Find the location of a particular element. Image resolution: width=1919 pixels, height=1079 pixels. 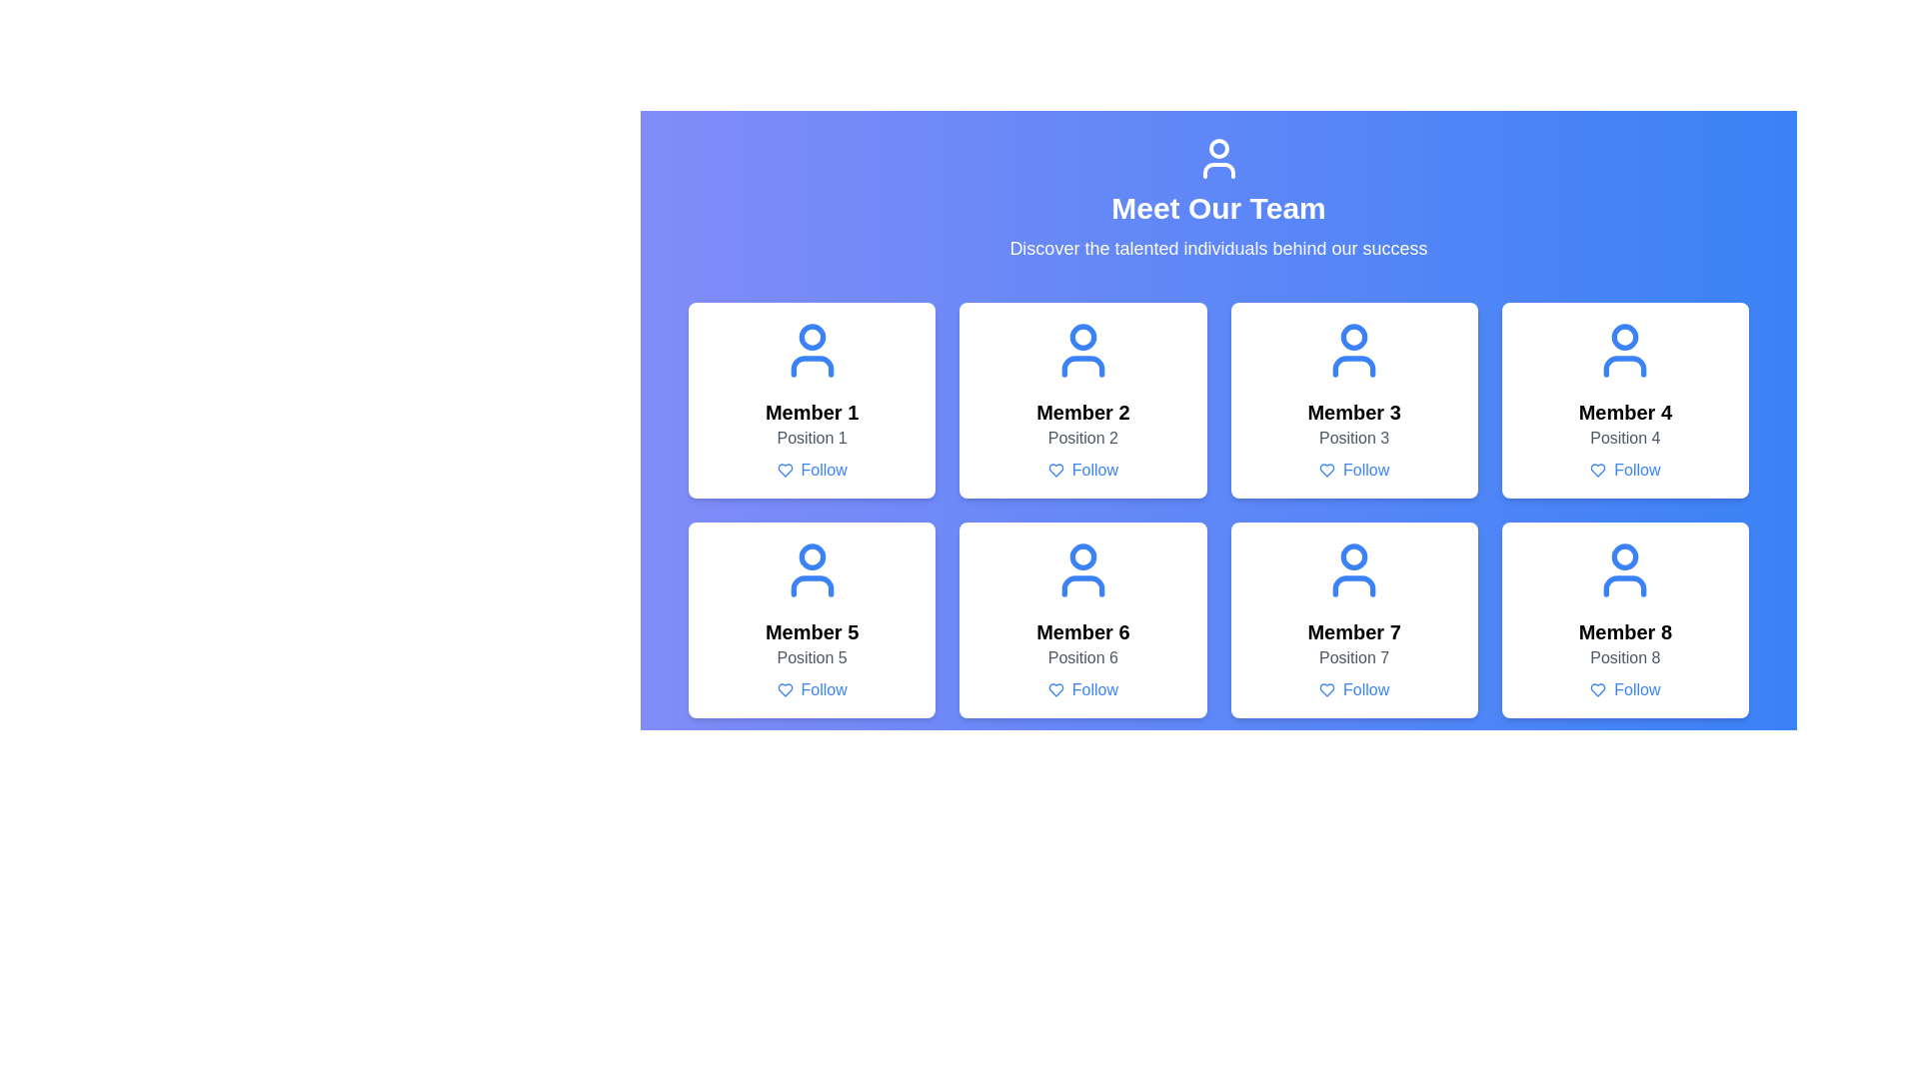

text from the Text Label displaying 'Member 6', located in the sixth card of the layout grid, above 'Position 6' and below the user profile icon is located at coordinates (1081, 631).